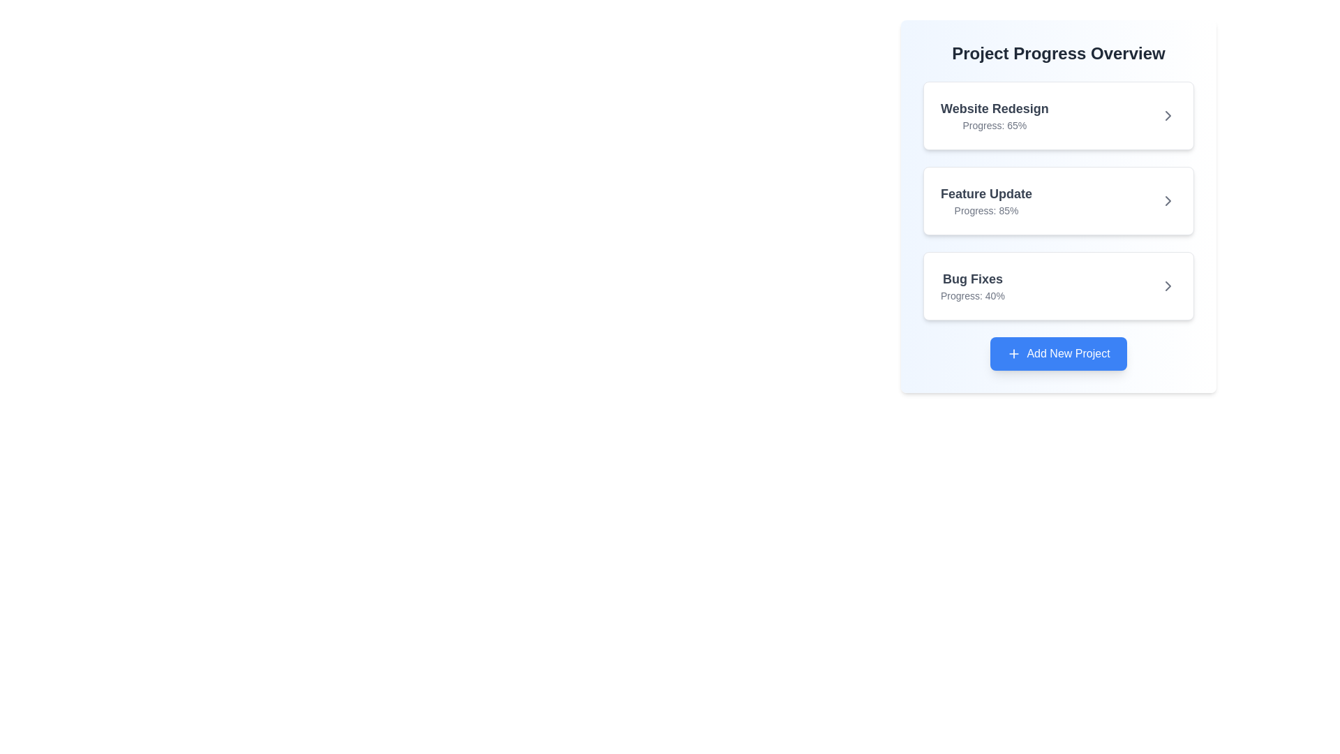 Image resolution: width=1340 pixels, height=754 pixels. Describe the element at coordinates (985, 210) in the screenshot. I see `the text label displaying the progress percentage of the feature update, which is positioned below the 'Feature Update' heading` at that location.